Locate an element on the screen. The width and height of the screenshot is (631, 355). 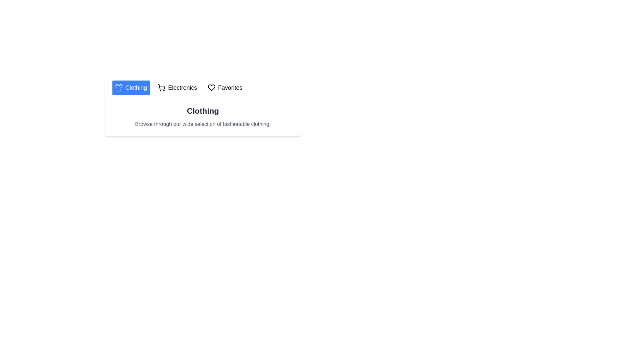
the tab labeled Electronics to select it is located at coordinates (177, 87).